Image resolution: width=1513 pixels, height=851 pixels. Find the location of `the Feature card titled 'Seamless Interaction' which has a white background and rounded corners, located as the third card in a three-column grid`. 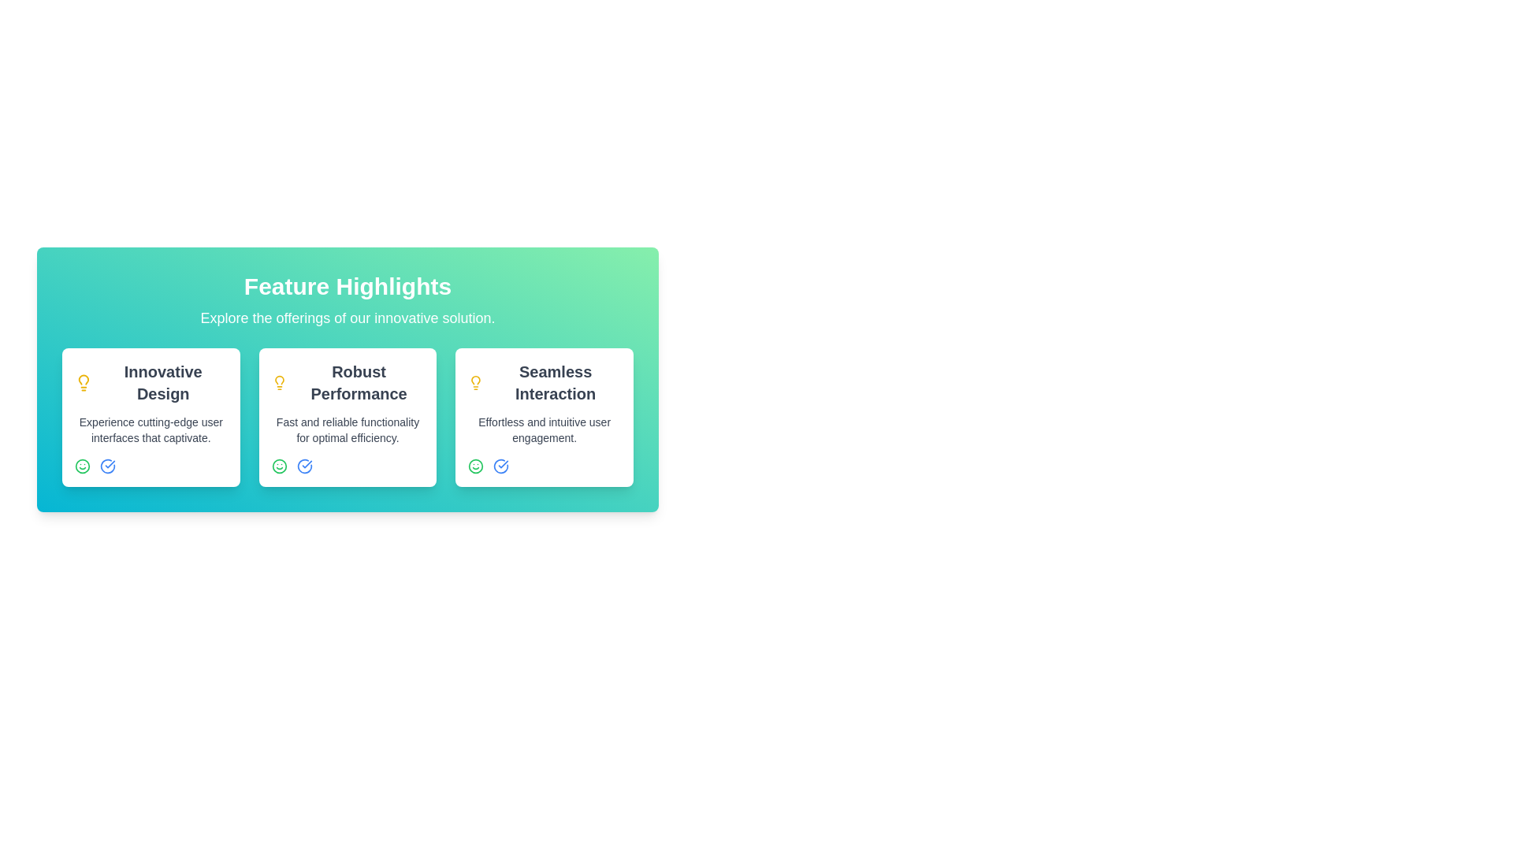

the Feature card titled 'Seamless Interaction' which has a white background and rounded corners, located as the third card in a three-column grid is located at coordinates (545, 416).